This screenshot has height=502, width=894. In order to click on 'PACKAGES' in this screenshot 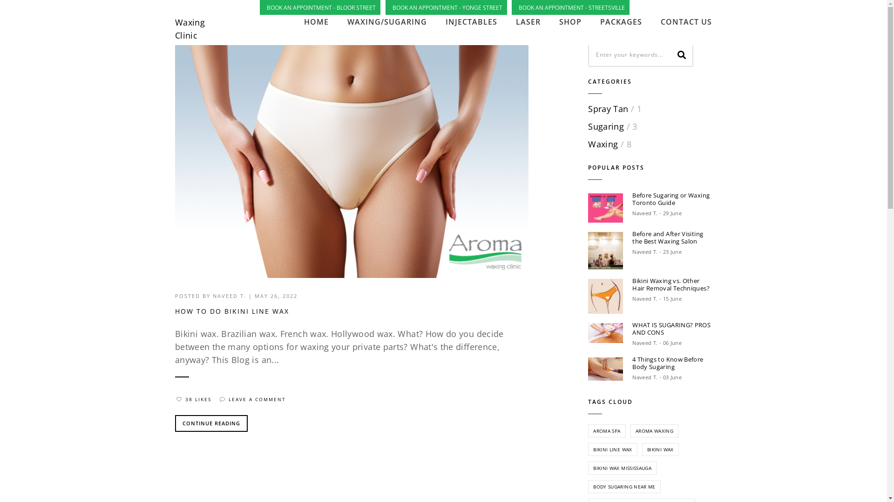, I will do `click(621, 21)`.